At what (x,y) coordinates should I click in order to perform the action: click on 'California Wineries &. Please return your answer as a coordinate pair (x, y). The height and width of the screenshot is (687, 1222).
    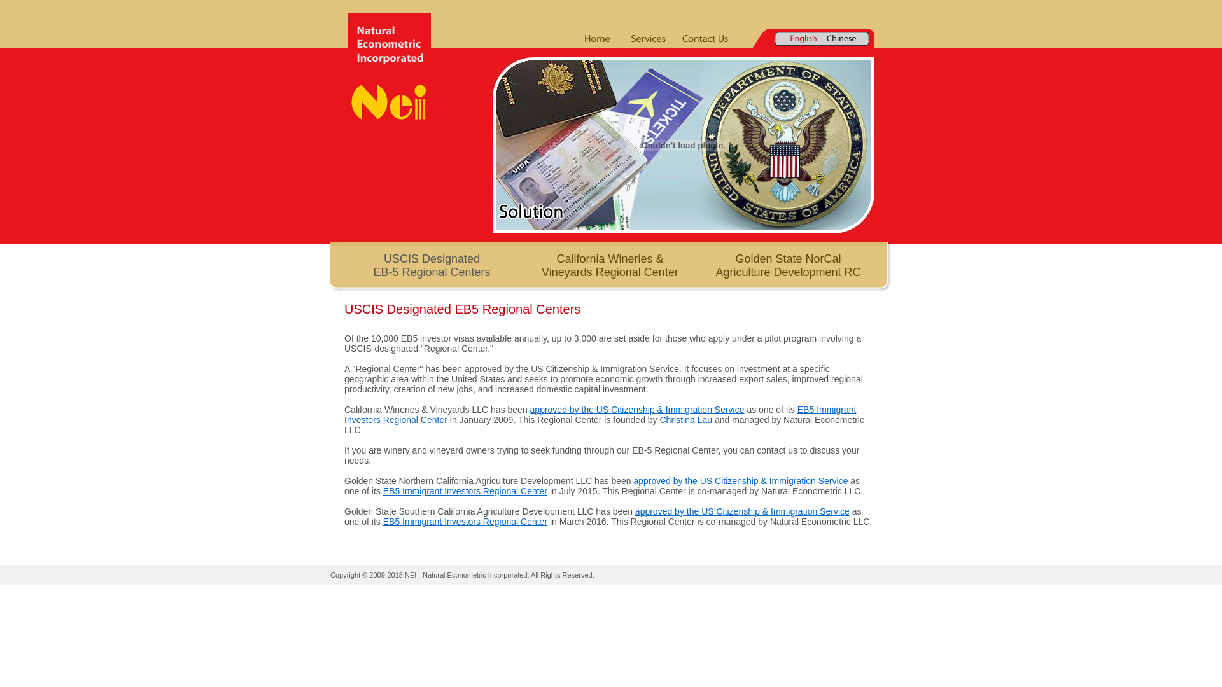
    Looking at the image, I should click on (609, 265).